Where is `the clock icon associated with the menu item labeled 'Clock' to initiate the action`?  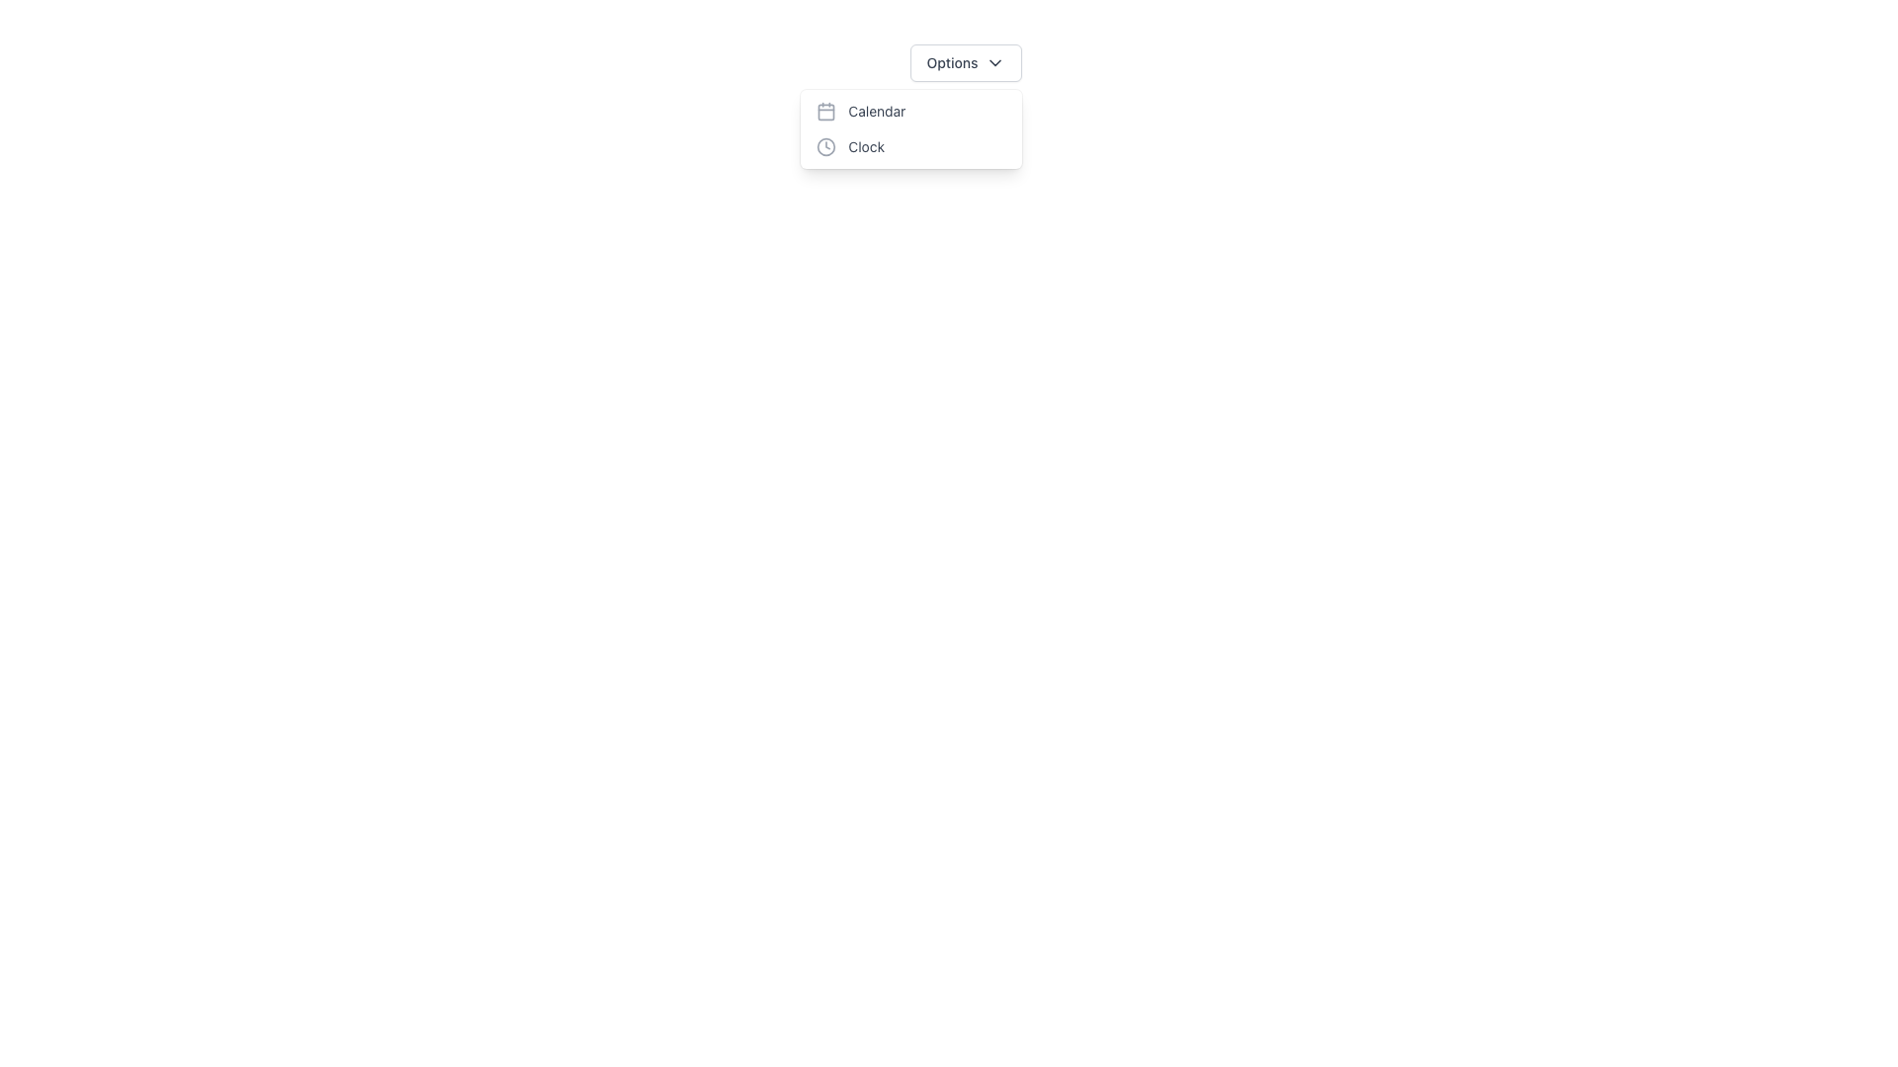 the clock icon associated with the menu item labeled 'Clock' to initiate the action is located at coordinates (826, 146).